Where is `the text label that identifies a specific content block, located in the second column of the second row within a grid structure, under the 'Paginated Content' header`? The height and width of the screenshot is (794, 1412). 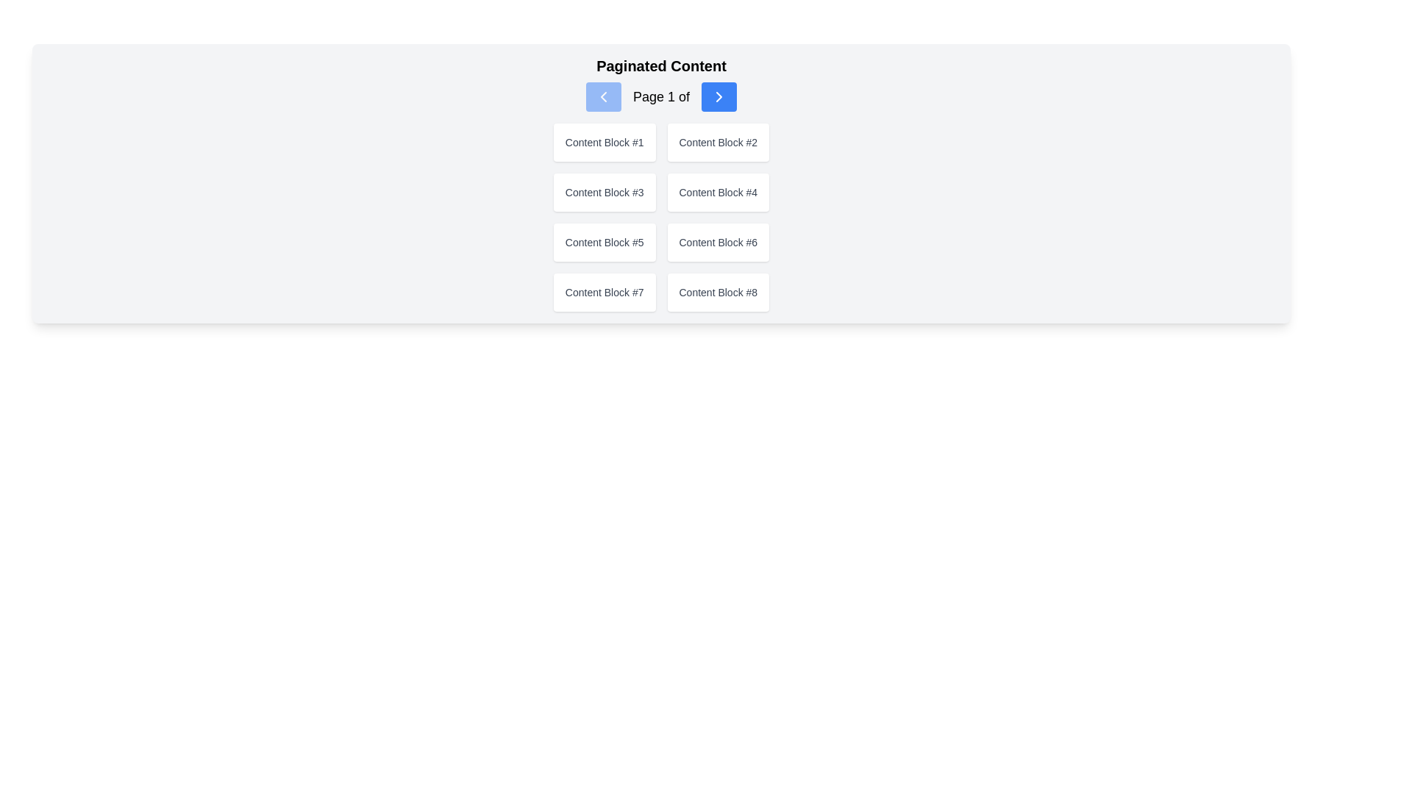 the text label that identifies a specific content block, located in the second column of the second row within a grid structure, under the 'Paginated Content' header is located at coordinates (718, 192).